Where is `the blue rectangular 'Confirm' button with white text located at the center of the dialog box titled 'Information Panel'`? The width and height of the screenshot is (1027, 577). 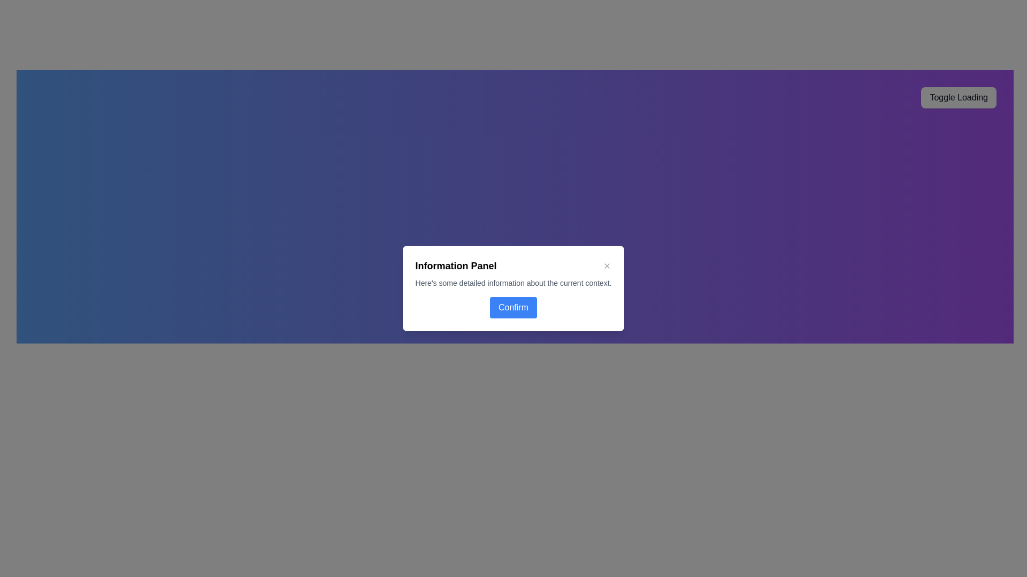 the blue rectangular 'Confirm' button with white text located at the center of the dialog box titled 'Information Panel' is located at coordinates (513, 307).